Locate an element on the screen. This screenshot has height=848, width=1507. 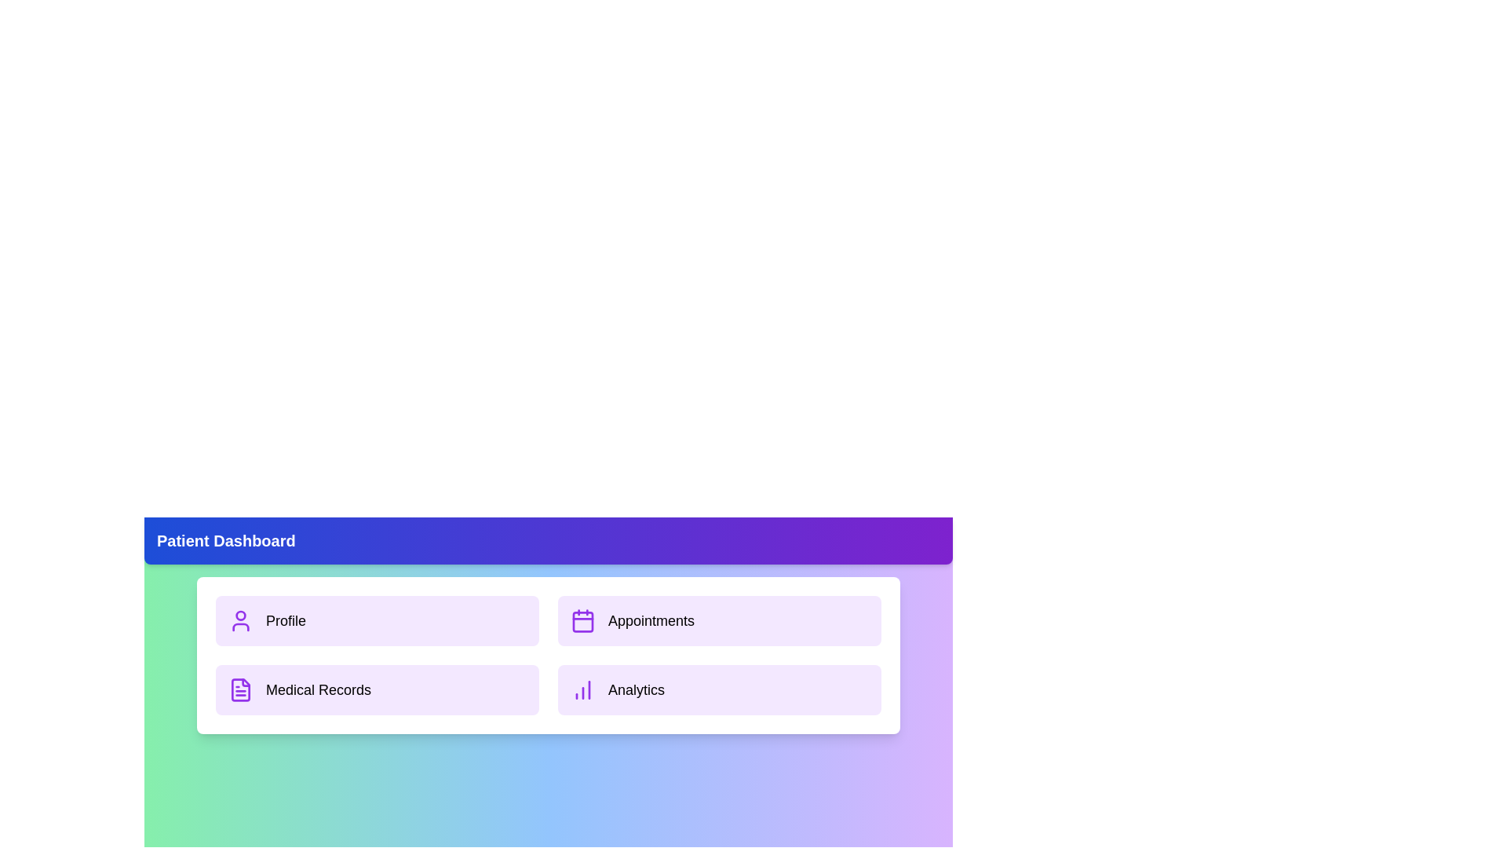
the 'Medical Records' section to navigate to the respective page is located at coordinates (377, 689).